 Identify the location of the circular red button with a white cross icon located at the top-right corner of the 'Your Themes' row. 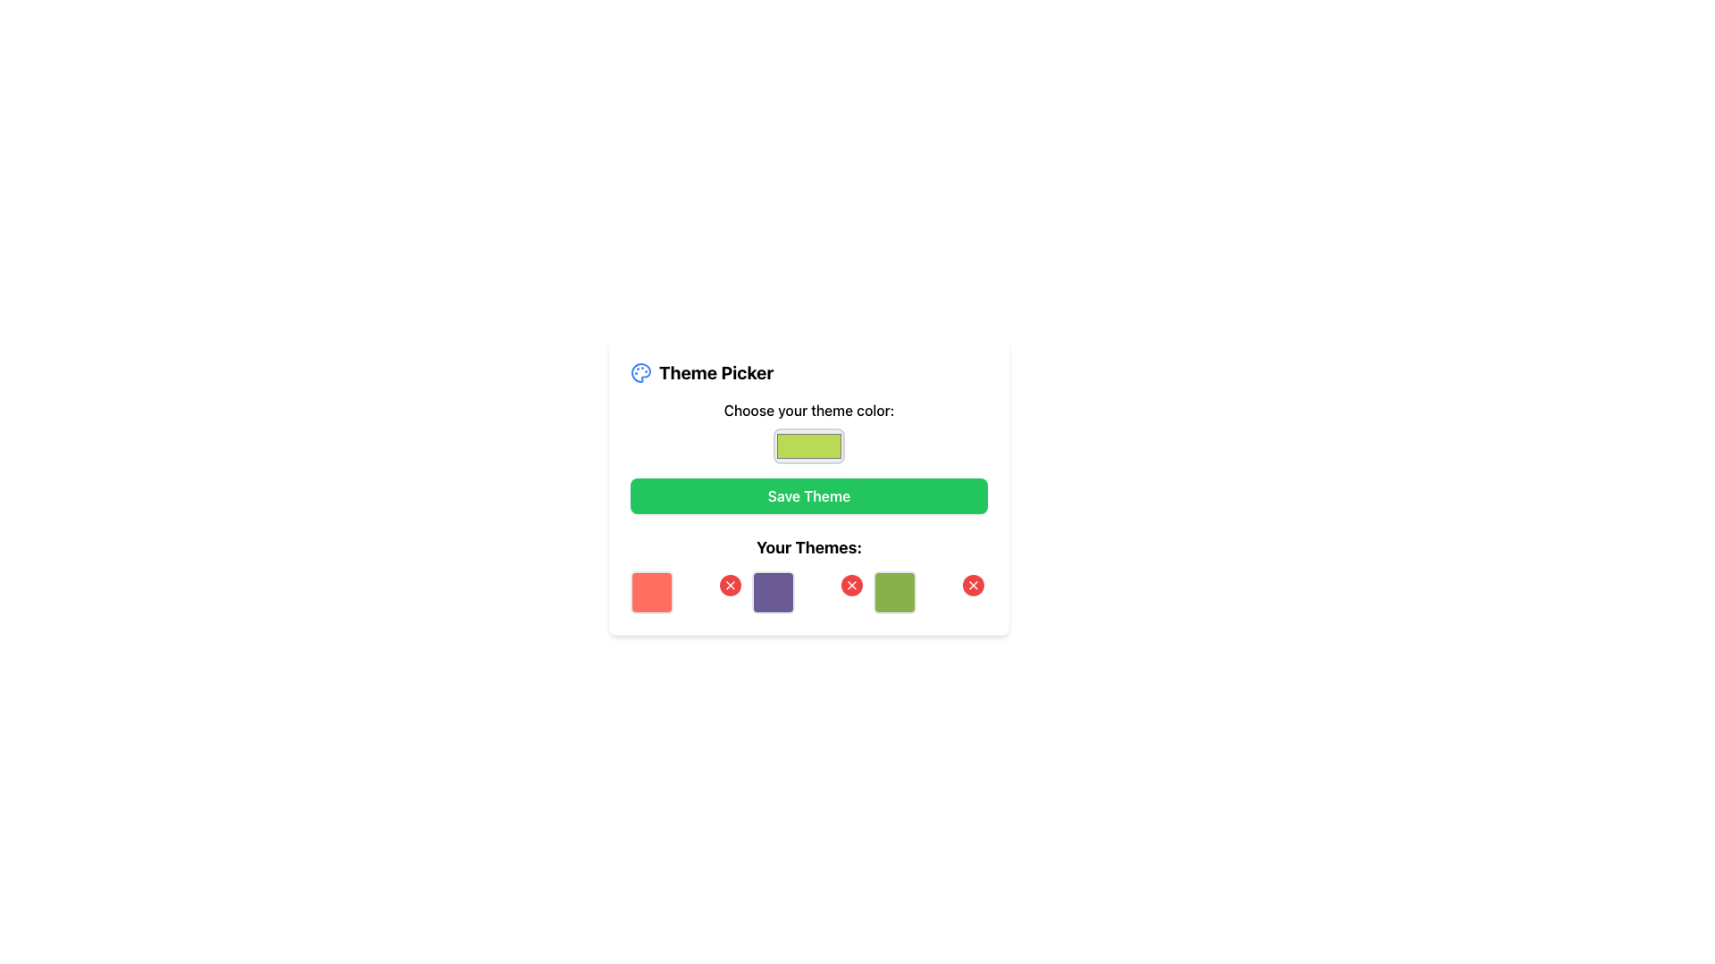
(851, 585).